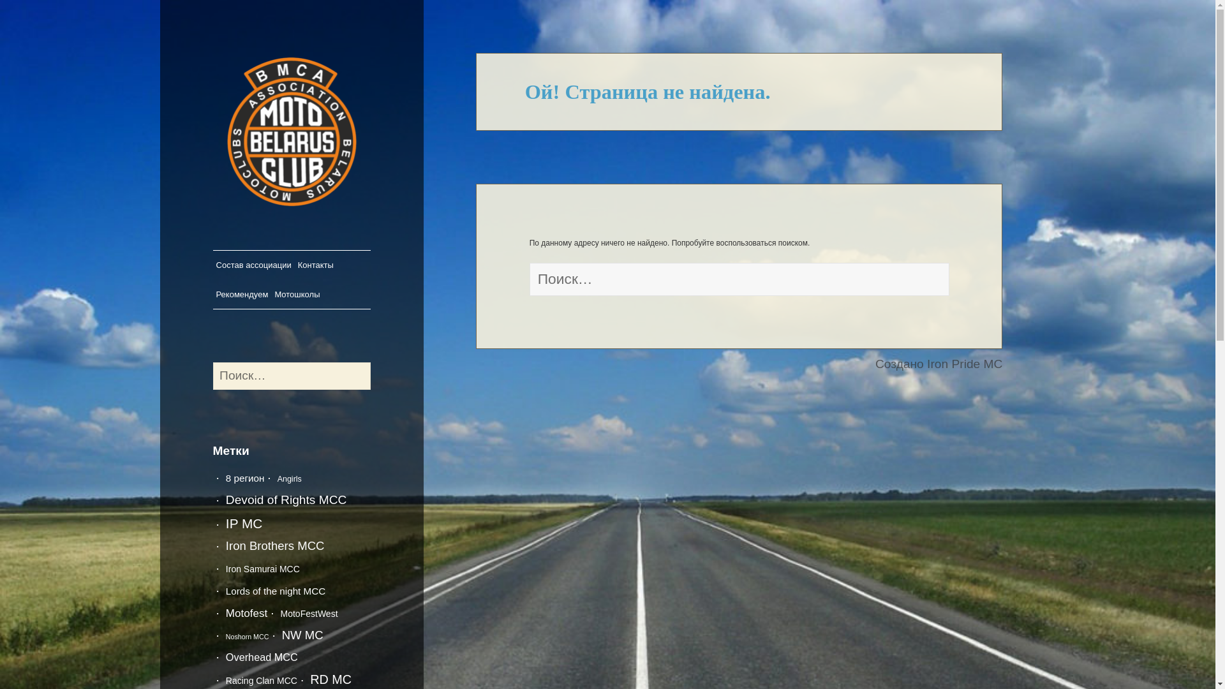 The image size is (1225, 689). Describe the element at coordinates (262, 568) in the screenshot. I see `'Iron Samurai MCC'` at that location.